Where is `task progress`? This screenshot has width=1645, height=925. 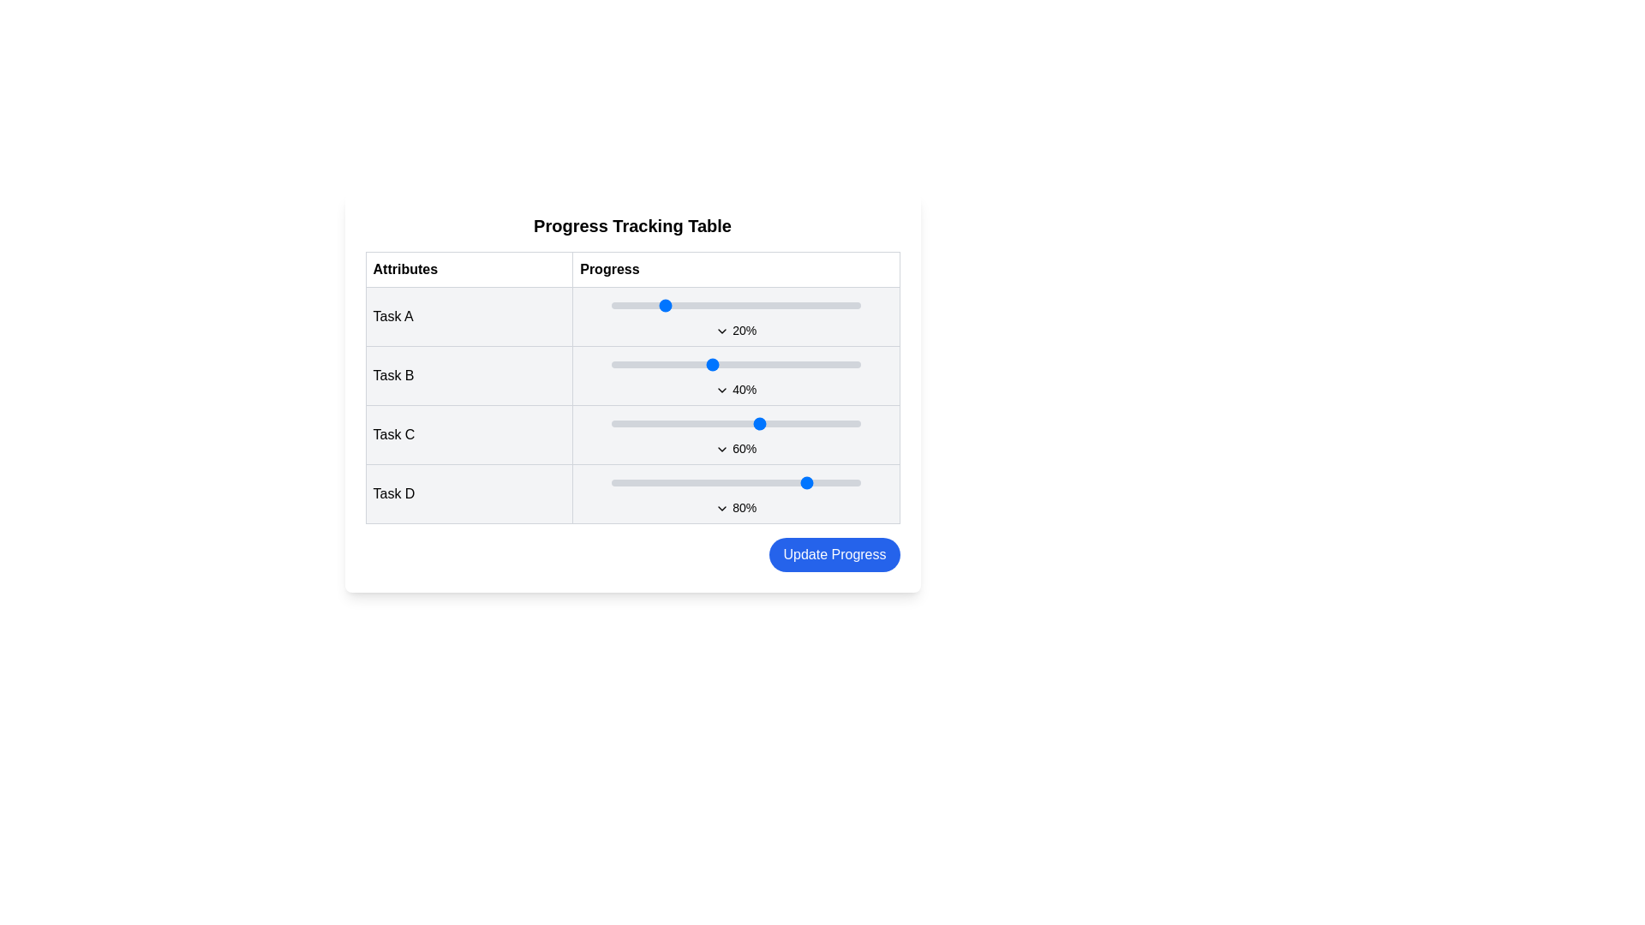
task progress is located at coordinates (635, 482).